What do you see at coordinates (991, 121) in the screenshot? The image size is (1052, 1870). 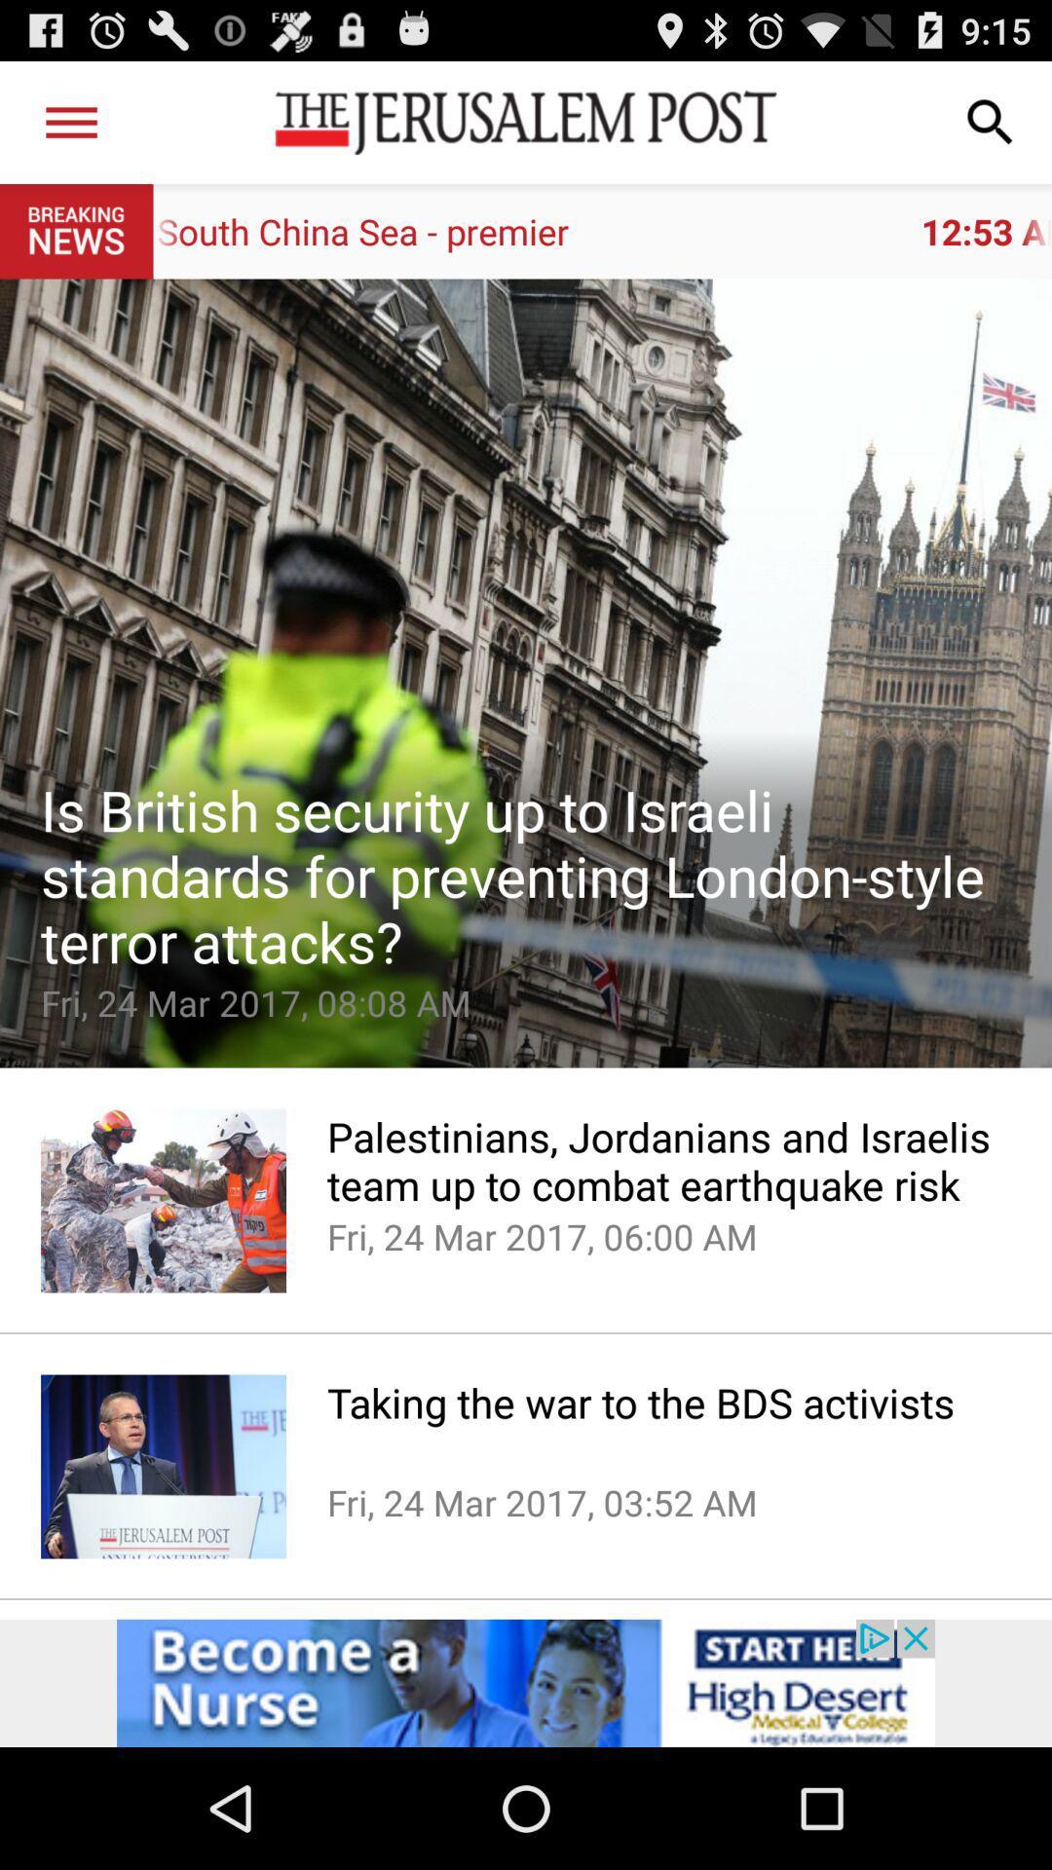 I see `search` at bounding box center [991, 121].